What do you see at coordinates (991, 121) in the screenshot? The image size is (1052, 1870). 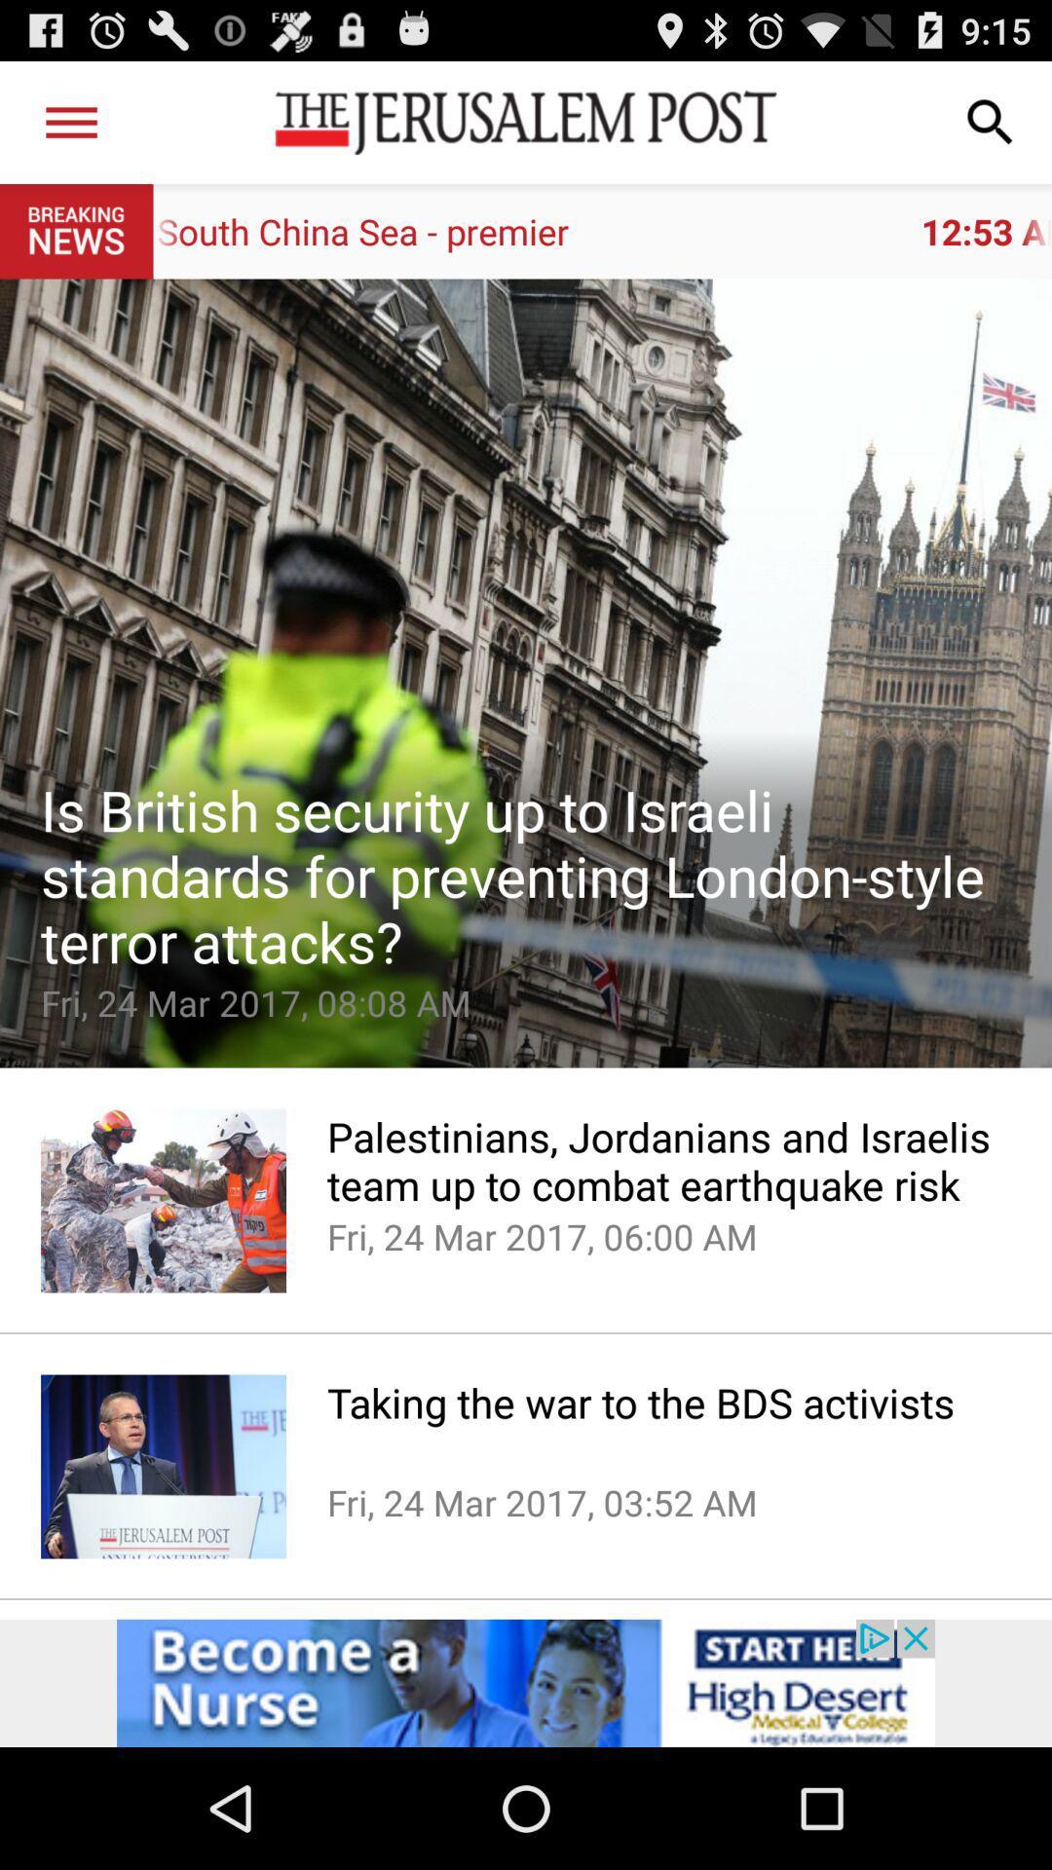 I see `search` at bounding box center [991, 121].